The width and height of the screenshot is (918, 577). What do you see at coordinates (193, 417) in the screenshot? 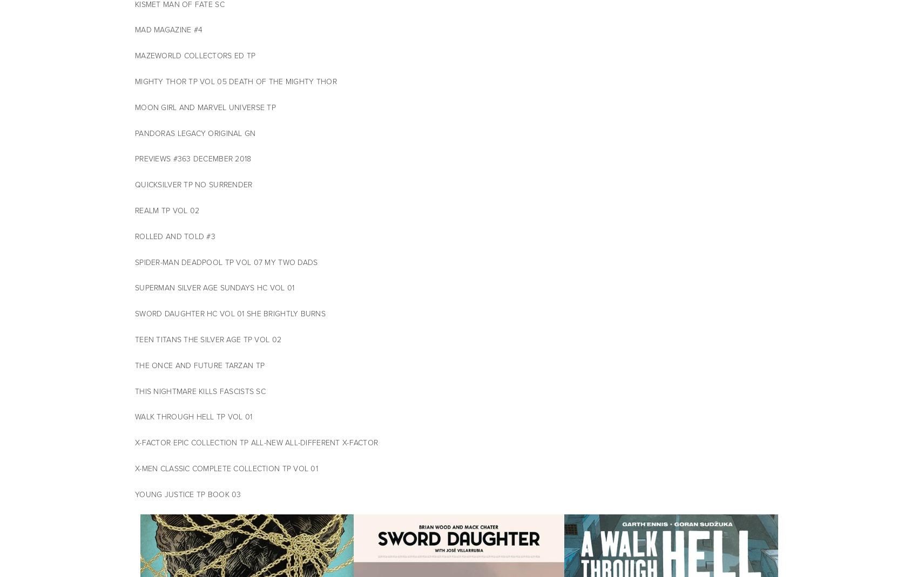
I see `'WALK THROUGH HELL TP VOL 01'` at bounding box center [193, 417].